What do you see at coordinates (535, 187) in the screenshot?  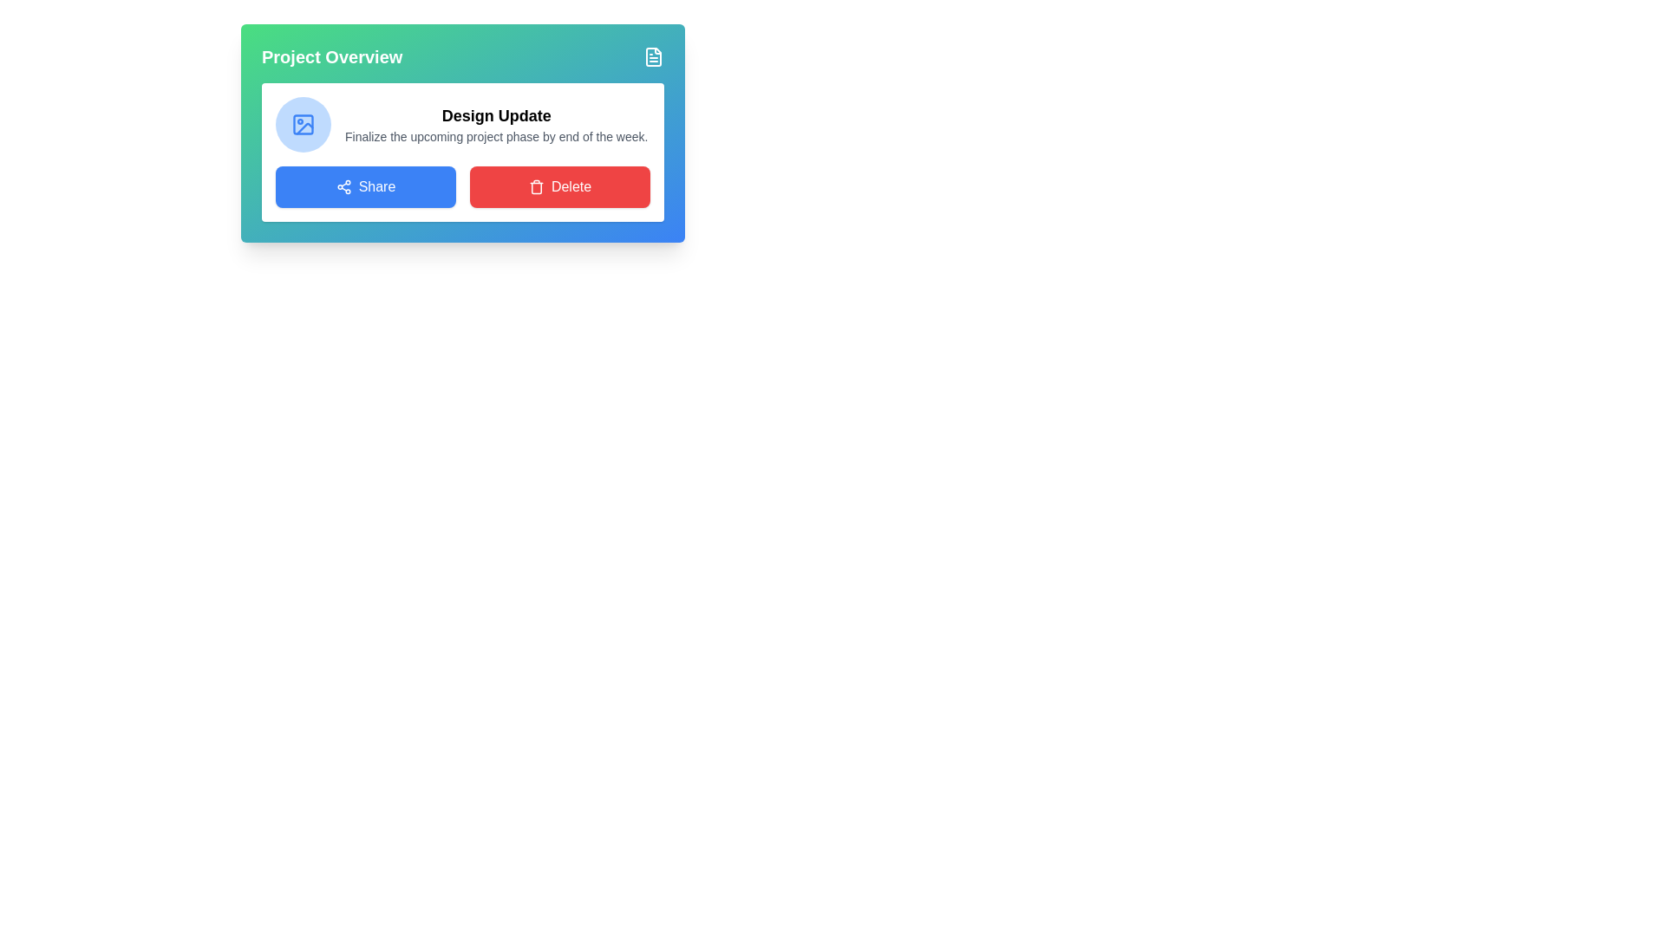 I see `the delete icon located on the left side of the red 'Delete' button at the bottom of the 'Design Update' card` at bounding box center [535, 187].